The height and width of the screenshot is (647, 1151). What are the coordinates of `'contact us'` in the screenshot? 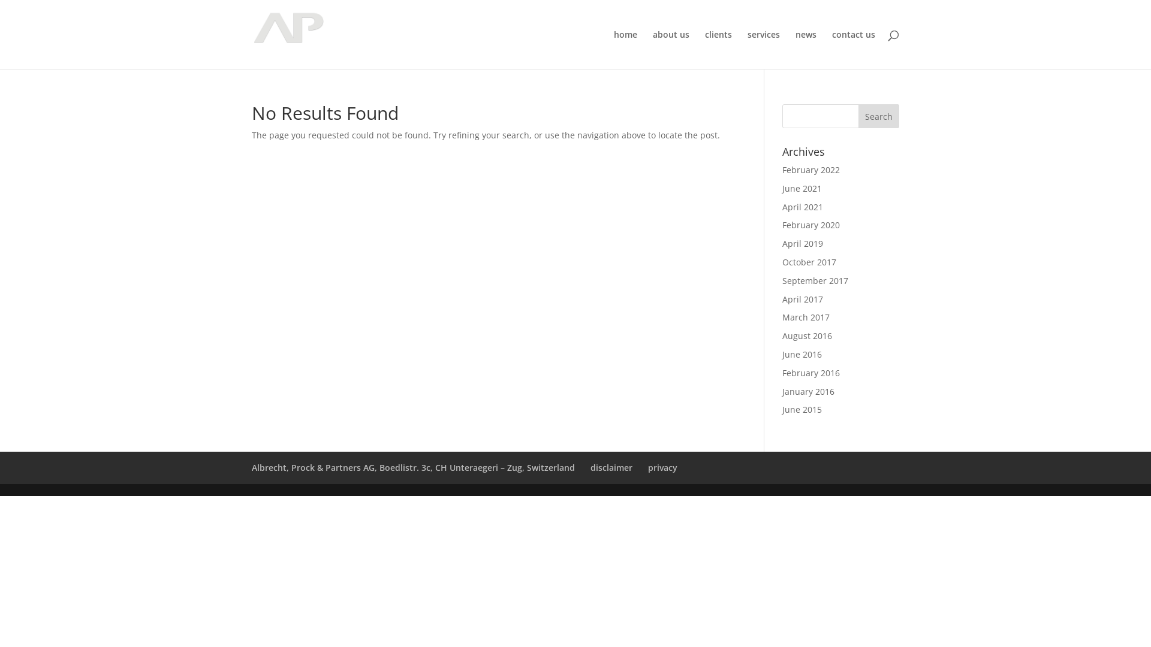 It's located at (853, 49).